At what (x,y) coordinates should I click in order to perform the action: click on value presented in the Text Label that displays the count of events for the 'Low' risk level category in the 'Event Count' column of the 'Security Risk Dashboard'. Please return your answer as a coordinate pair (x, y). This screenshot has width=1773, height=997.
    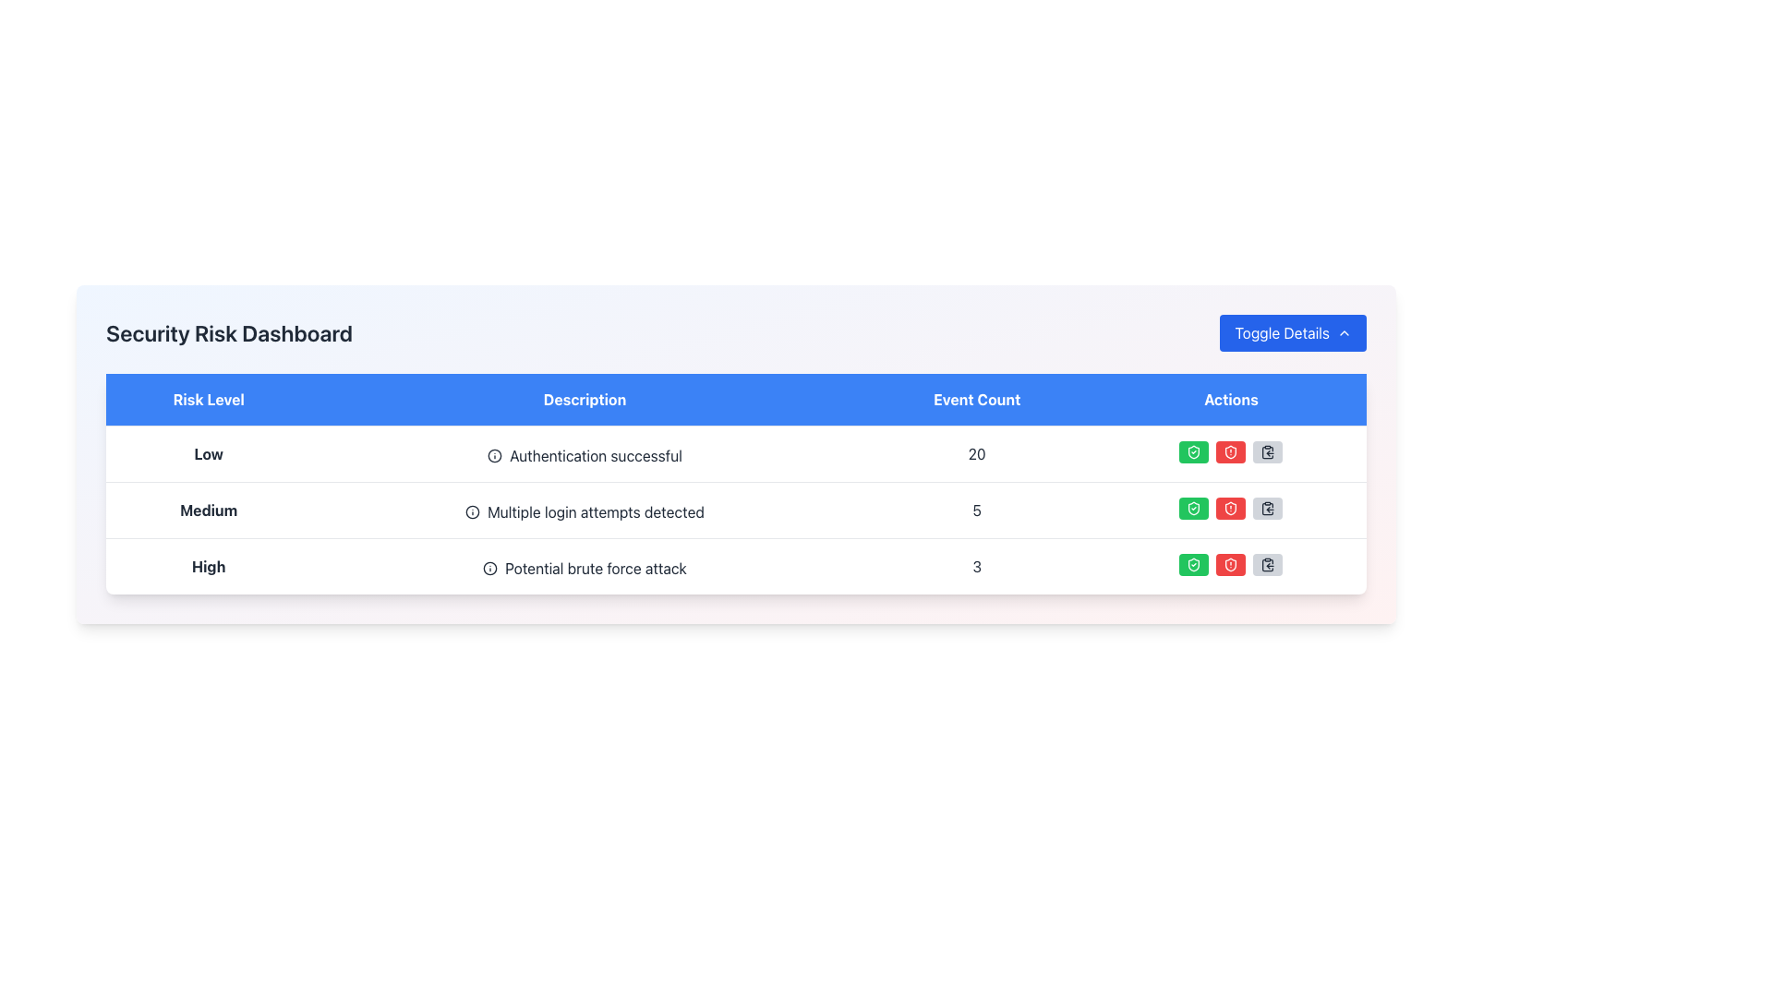
    Looking at the image, I should click on (976, 454).